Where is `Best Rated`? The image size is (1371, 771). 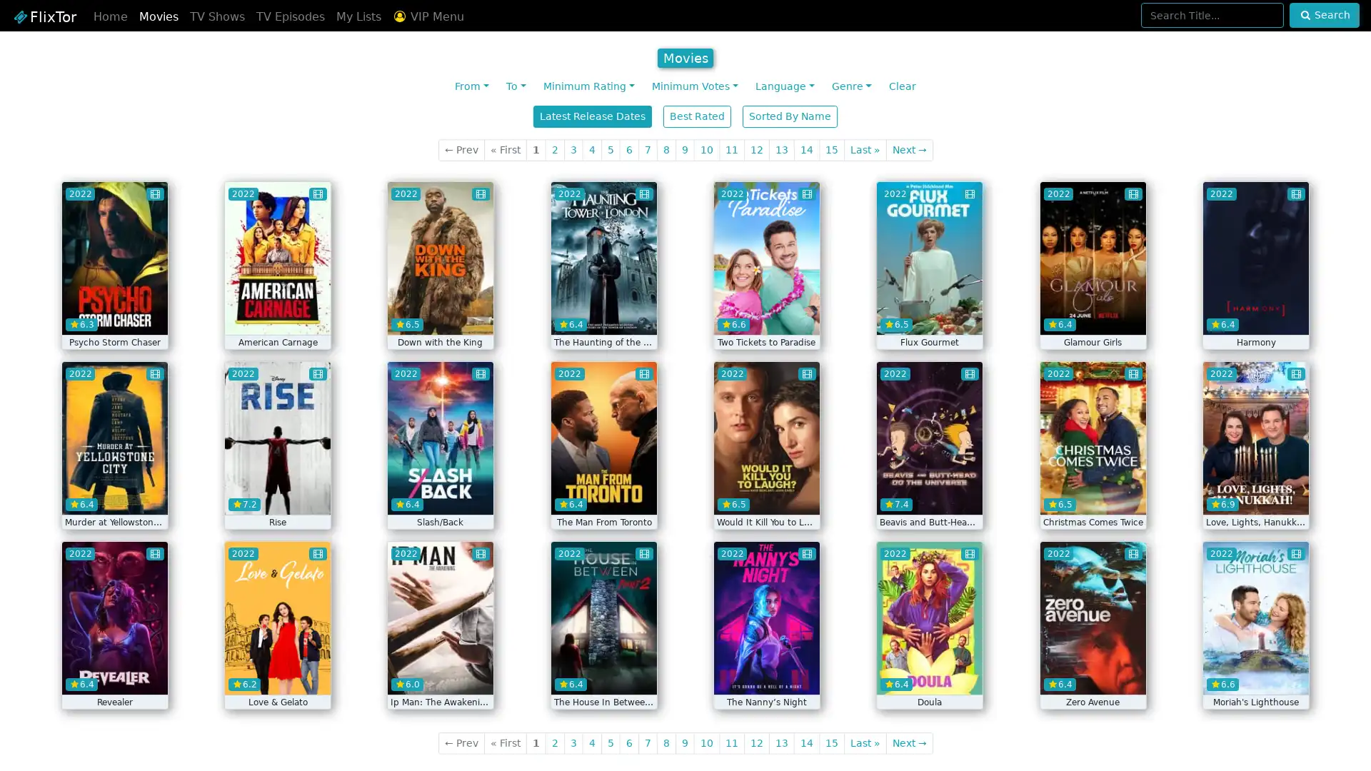
Best Rated is located at coordinates (697, 116).